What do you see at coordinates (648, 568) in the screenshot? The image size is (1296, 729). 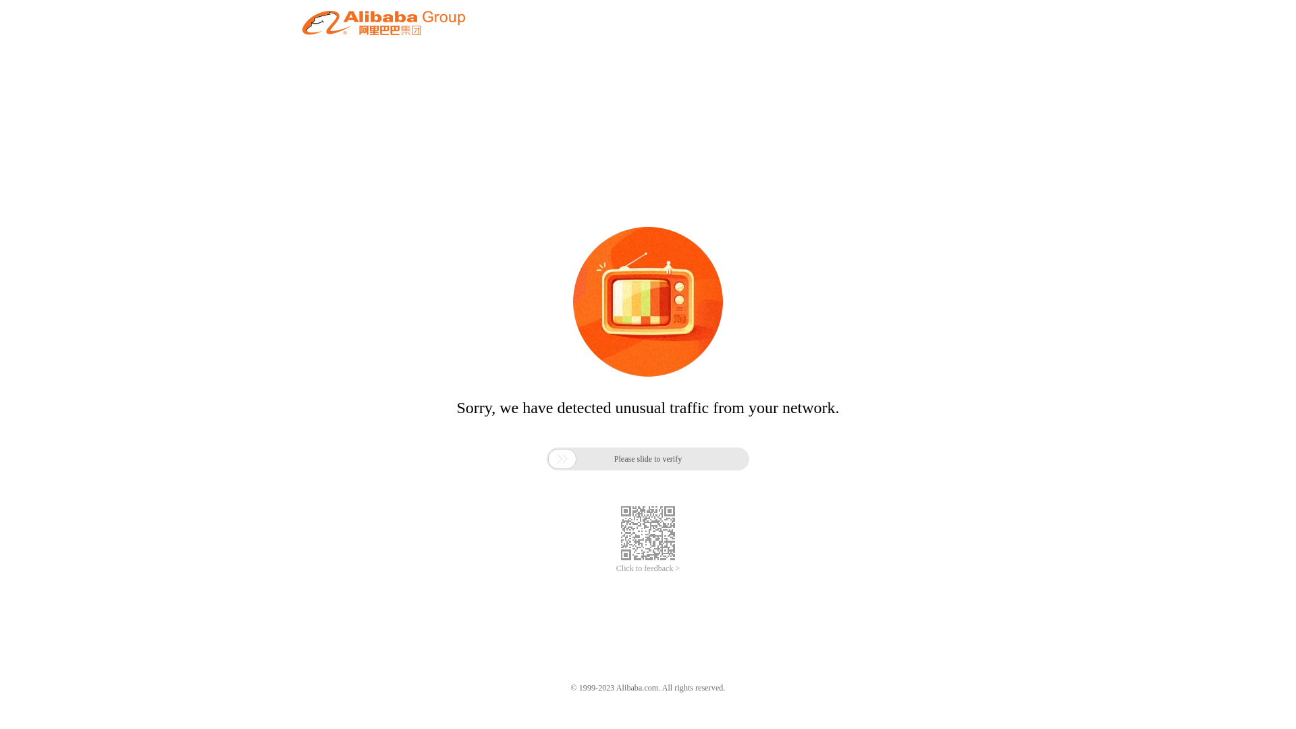 I see `'Click to feedback >'` at bounding box center [648, 568].